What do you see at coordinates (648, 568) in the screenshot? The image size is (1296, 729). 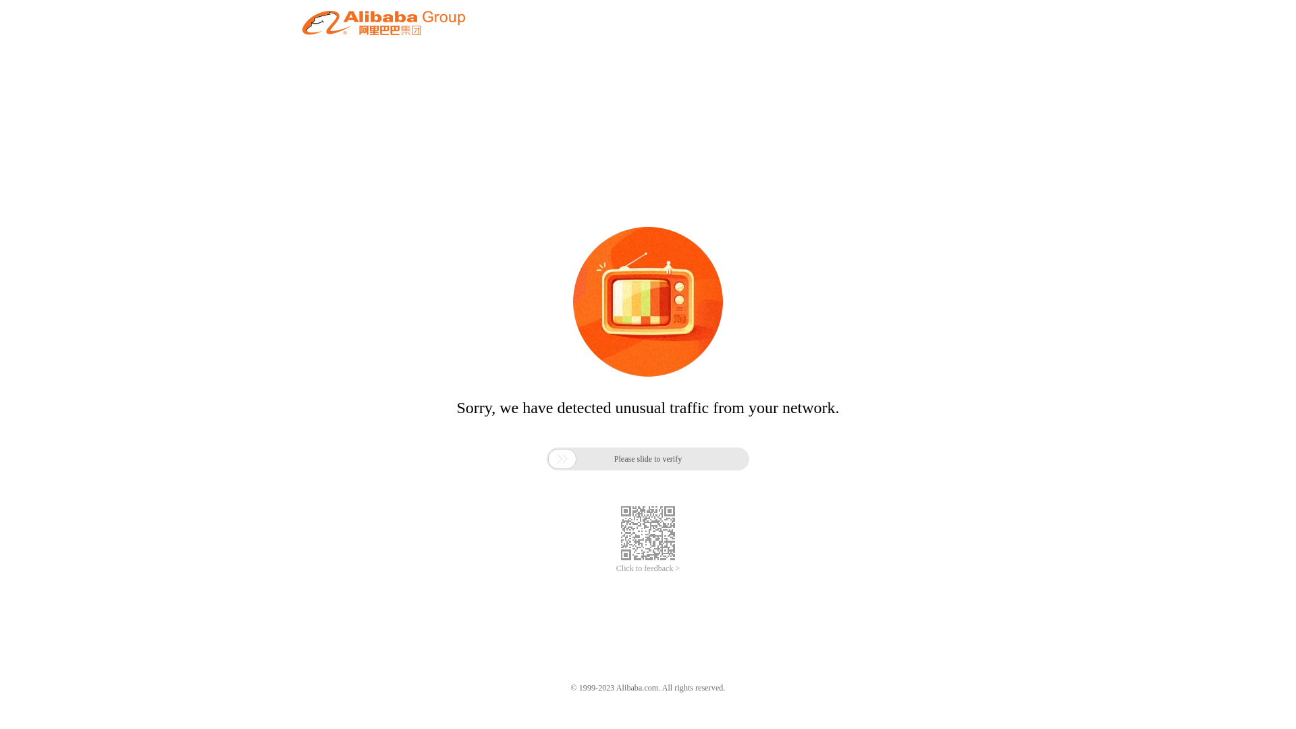 I see `'Click to feedback >'` at bounding box center [648, 568].